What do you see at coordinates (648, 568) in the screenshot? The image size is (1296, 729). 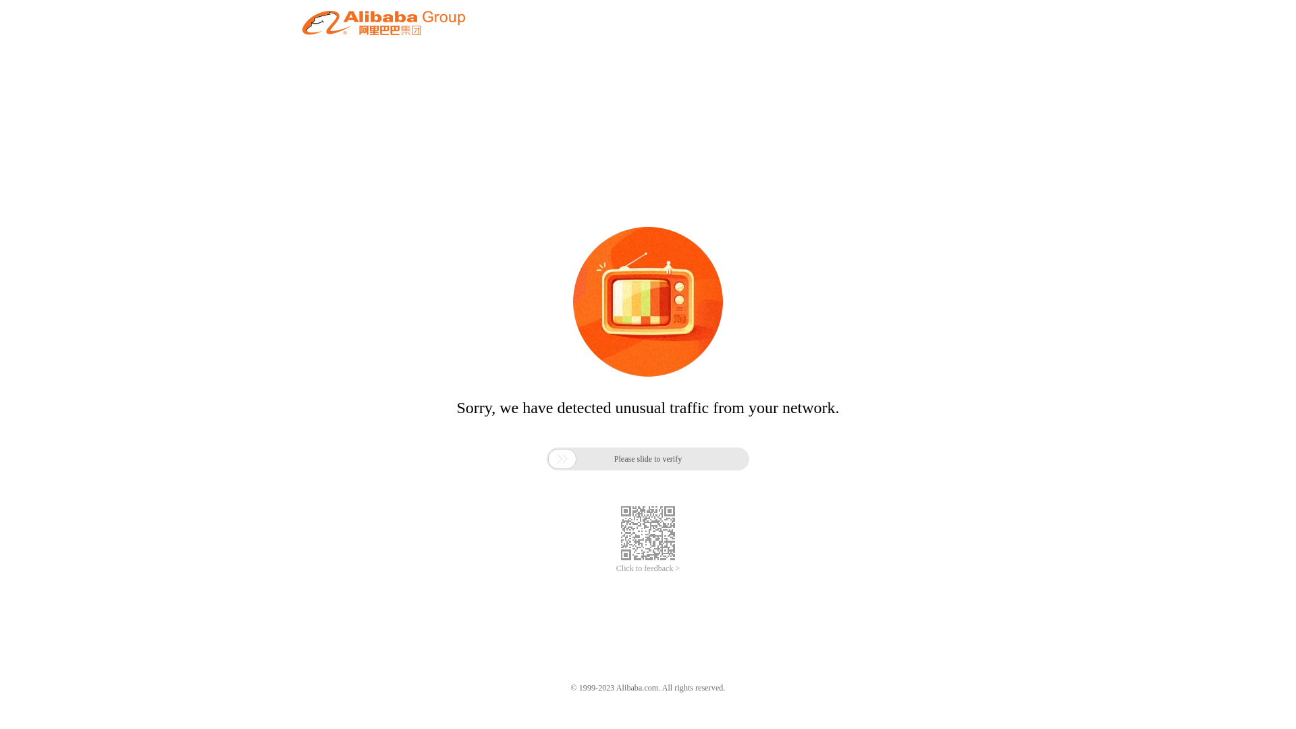 I see `'Click to feedback >'` at bounding box center [648, 568].